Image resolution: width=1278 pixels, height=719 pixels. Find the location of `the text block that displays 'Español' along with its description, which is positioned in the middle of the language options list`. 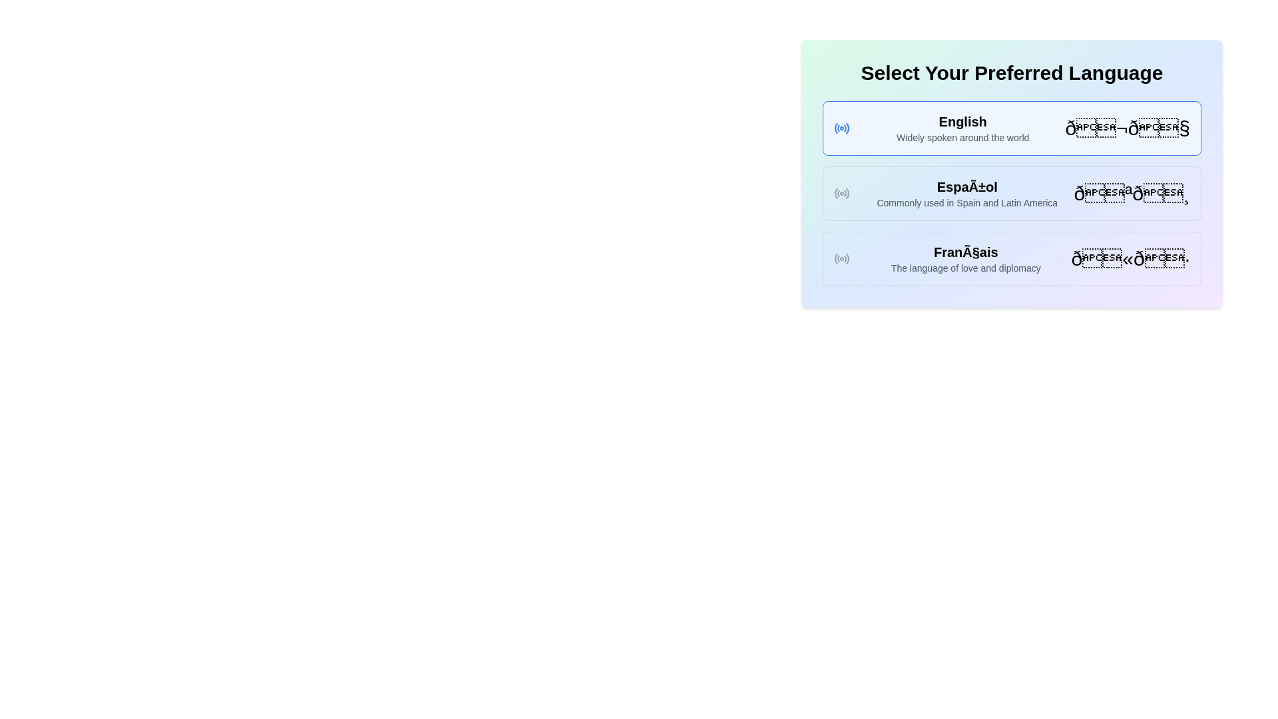

the text block that displays 'Español' along with its description, which is positioned in the middle of the language options list is located at coordinates (967, 193).